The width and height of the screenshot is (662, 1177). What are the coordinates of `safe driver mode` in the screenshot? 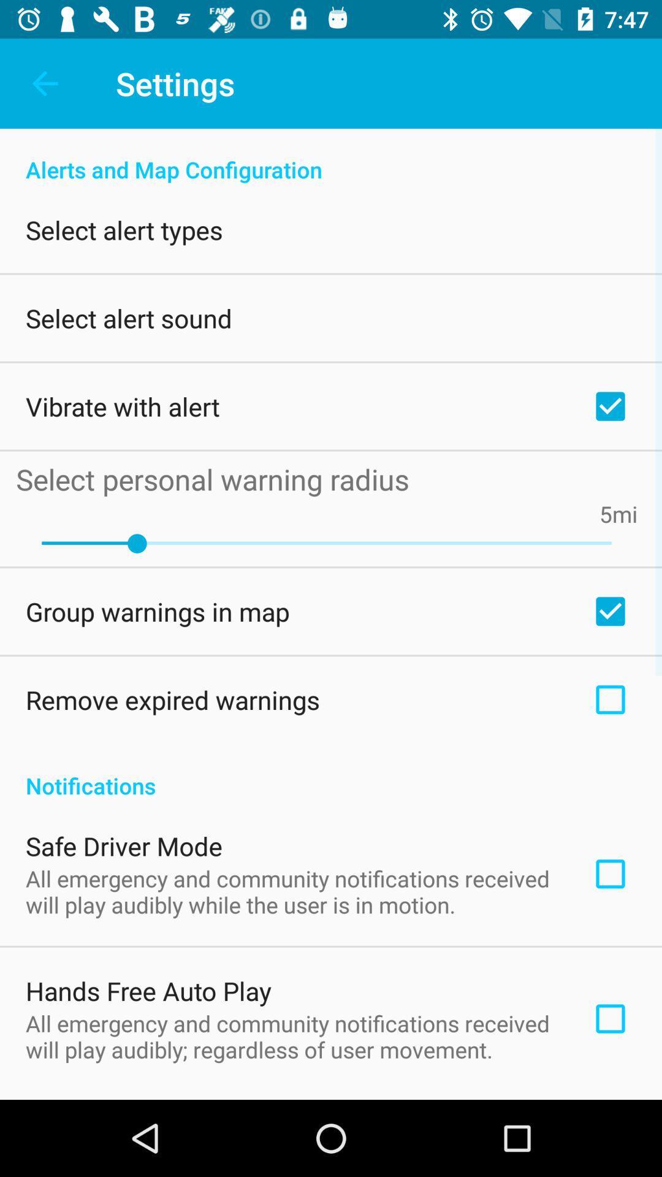 It's located at (124, 845).